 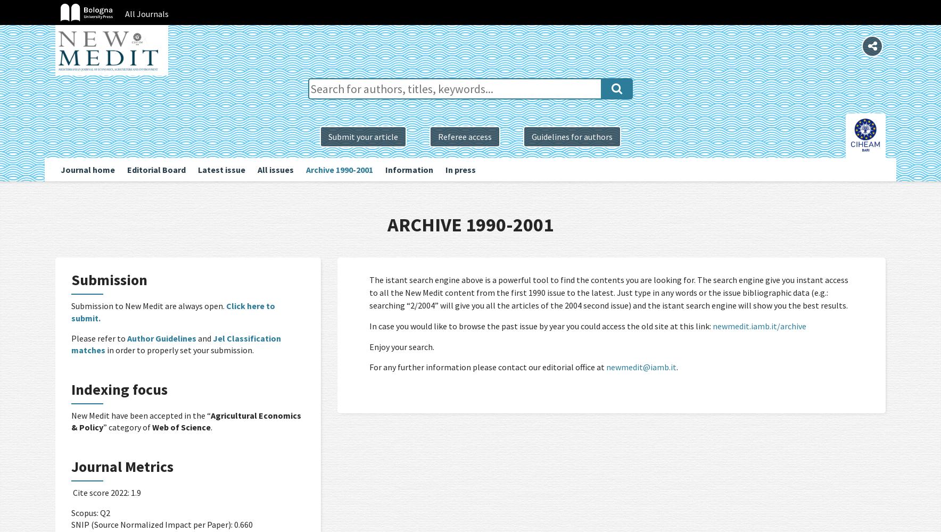 I want to click on 'Submission', so click(x=109, y=280).